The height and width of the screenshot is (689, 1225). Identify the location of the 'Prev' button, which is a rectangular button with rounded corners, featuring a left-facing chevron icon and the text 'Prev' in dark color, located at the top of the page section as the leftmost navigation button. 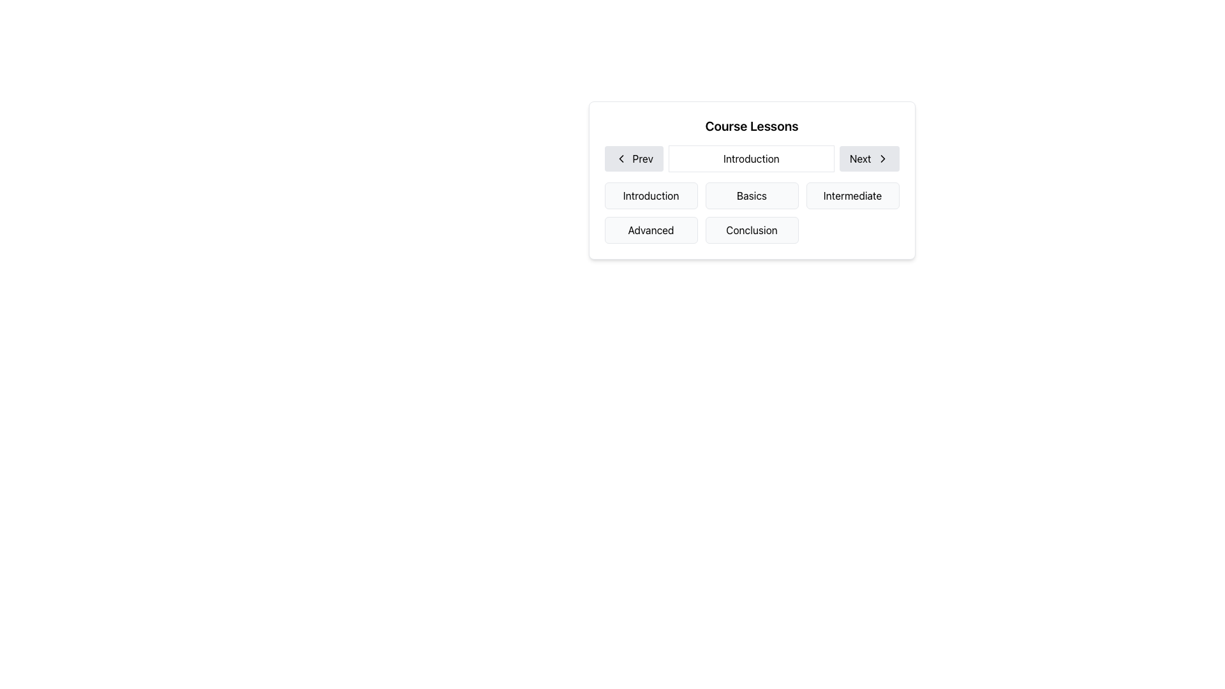
(634, 158).